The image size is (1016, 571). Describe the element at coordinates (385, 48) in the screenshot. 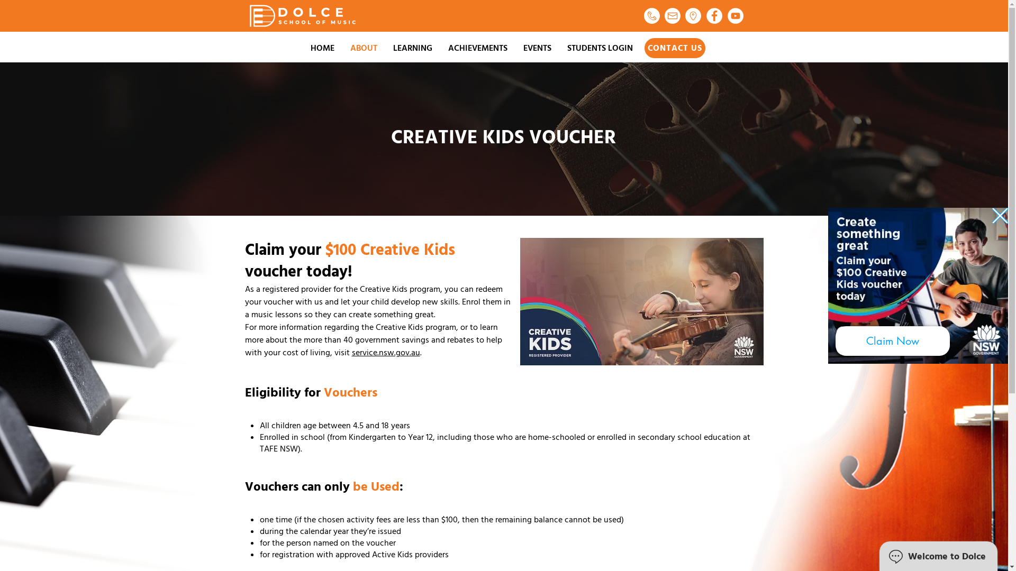

I see `'LEARNING'` at that location.